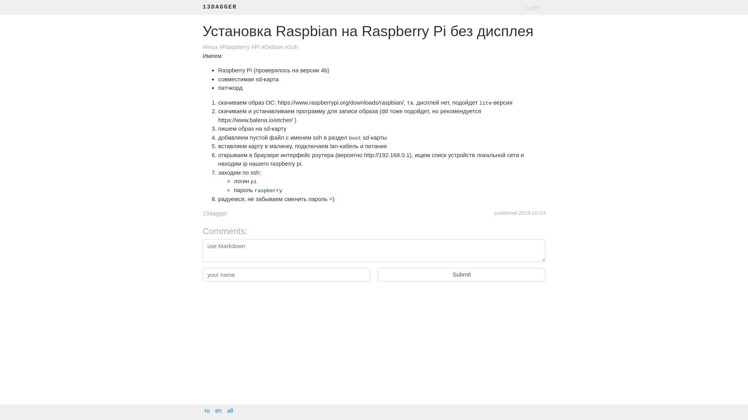  What do you see at coordinates (519, 7) in the screenshot?
I see `'Login'` at bounding box center [519, 7].